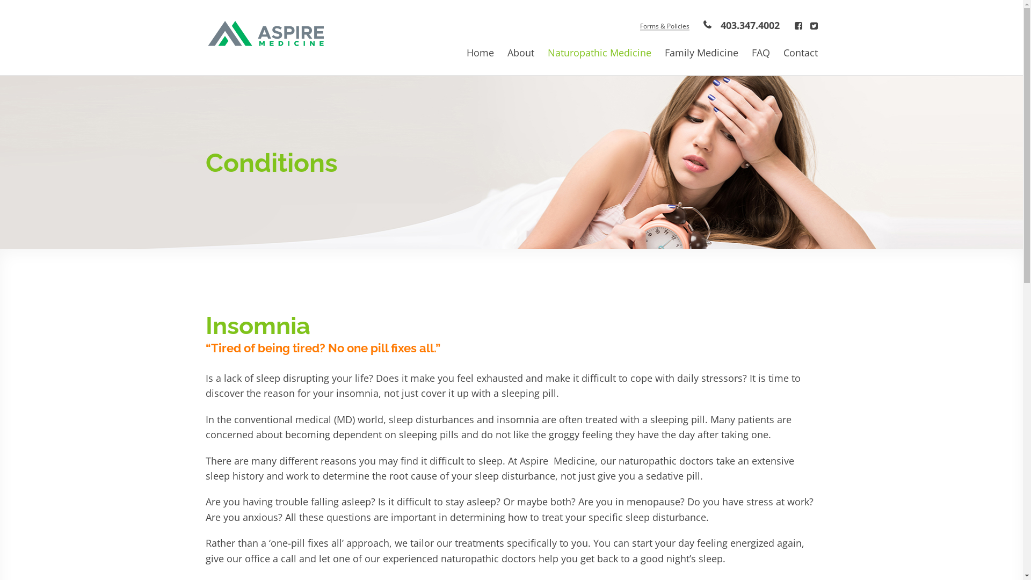 The width and height of the screenshot is (1031, 580). Describe the element at coordinates (798, 25) in the screenshot. I see `'Facebook'` at that location.